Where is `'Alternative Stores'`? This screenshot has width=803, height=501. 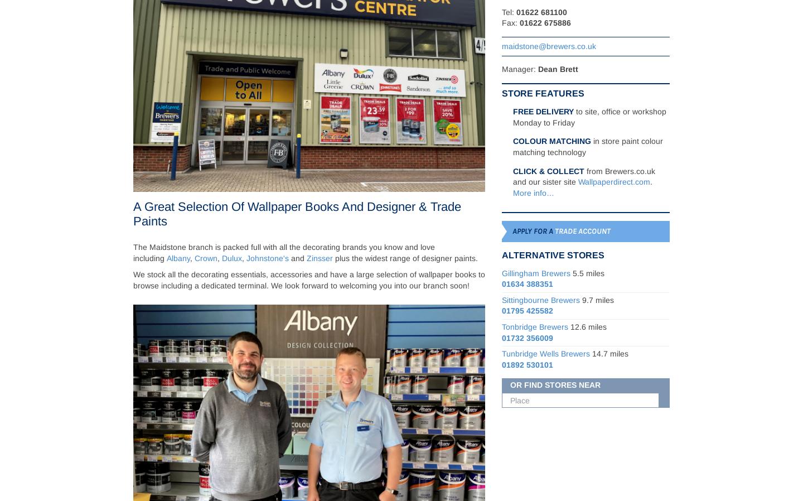 'Alternative Stores' is located at coordinates (553, 254).